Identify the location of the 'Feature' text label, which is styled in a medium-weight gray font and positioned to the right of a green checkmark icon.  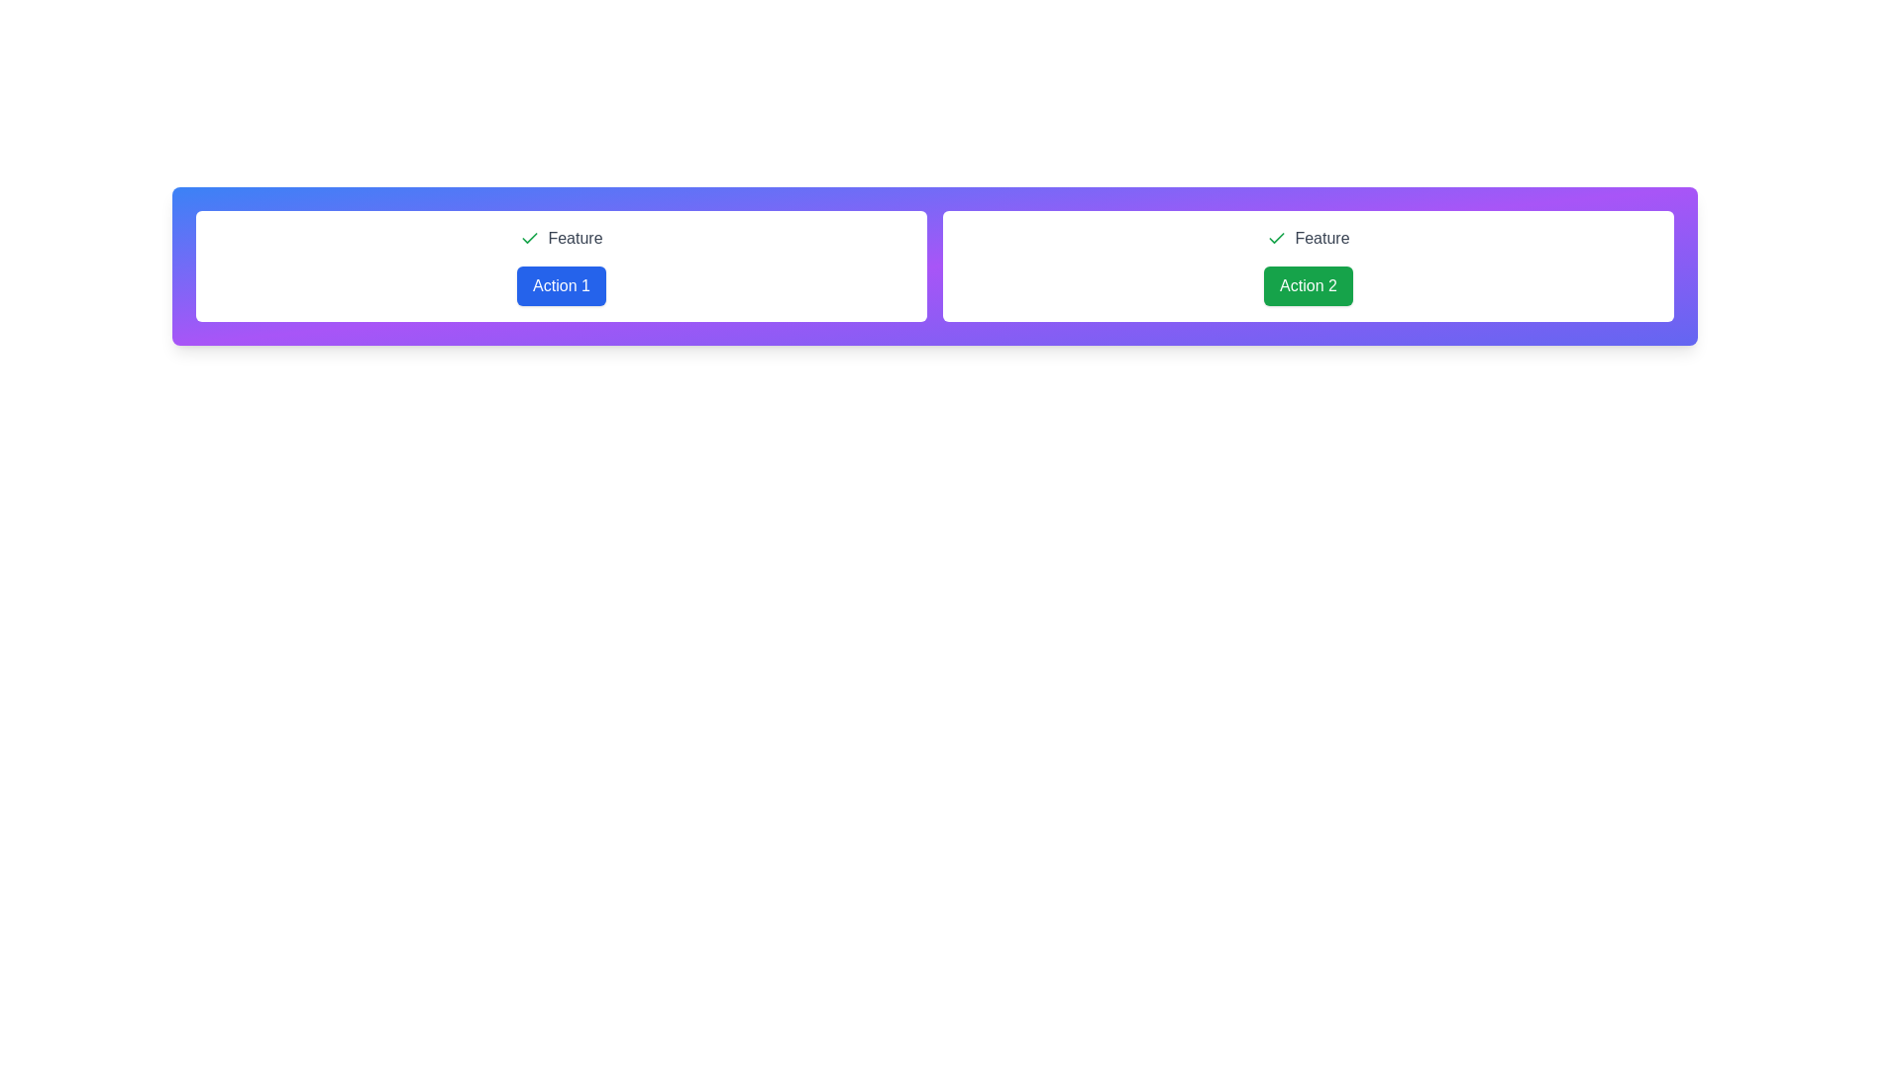
(574, 237).